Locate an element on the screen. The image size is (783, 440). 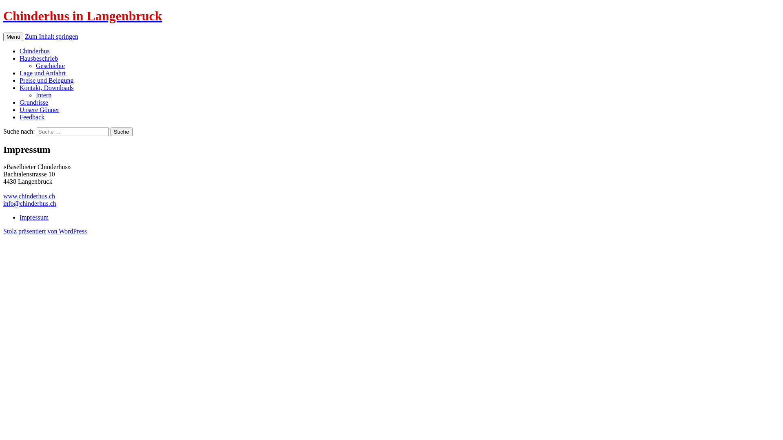
'Geschichte' is located at coordinates (35, 65).